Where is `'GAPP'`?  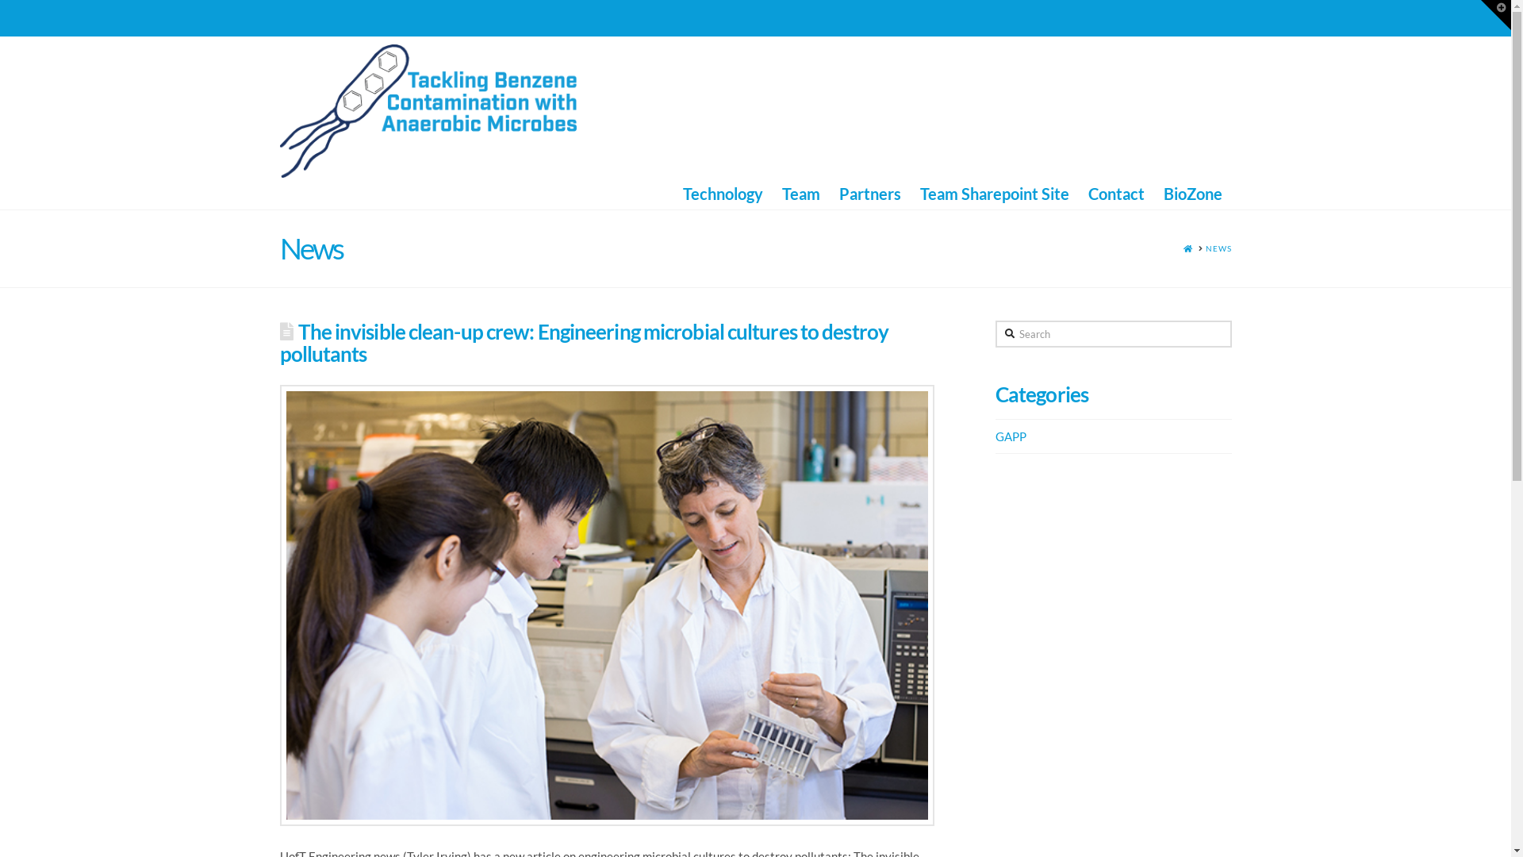
'GAPP' is located at coordinates (1010, 436).